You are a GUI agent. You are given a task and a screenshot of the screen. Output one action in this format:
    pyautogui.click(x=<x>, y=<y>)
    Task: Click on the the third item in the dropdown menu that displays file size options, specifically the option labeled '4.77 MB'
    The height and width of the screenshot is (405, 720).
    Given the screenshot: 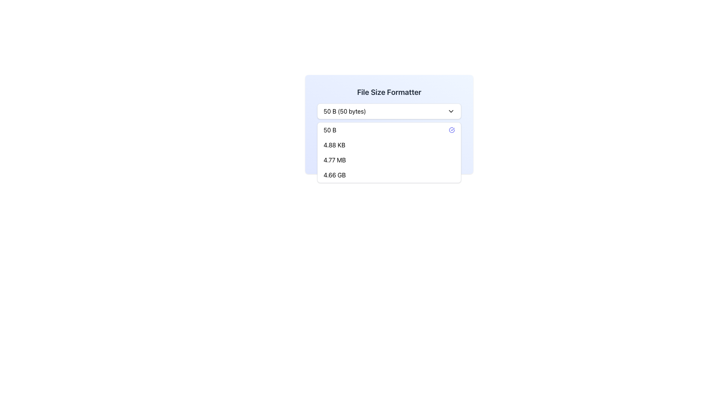 What is the action you would take?
    pyautogui.click(x=389, y=152)
    